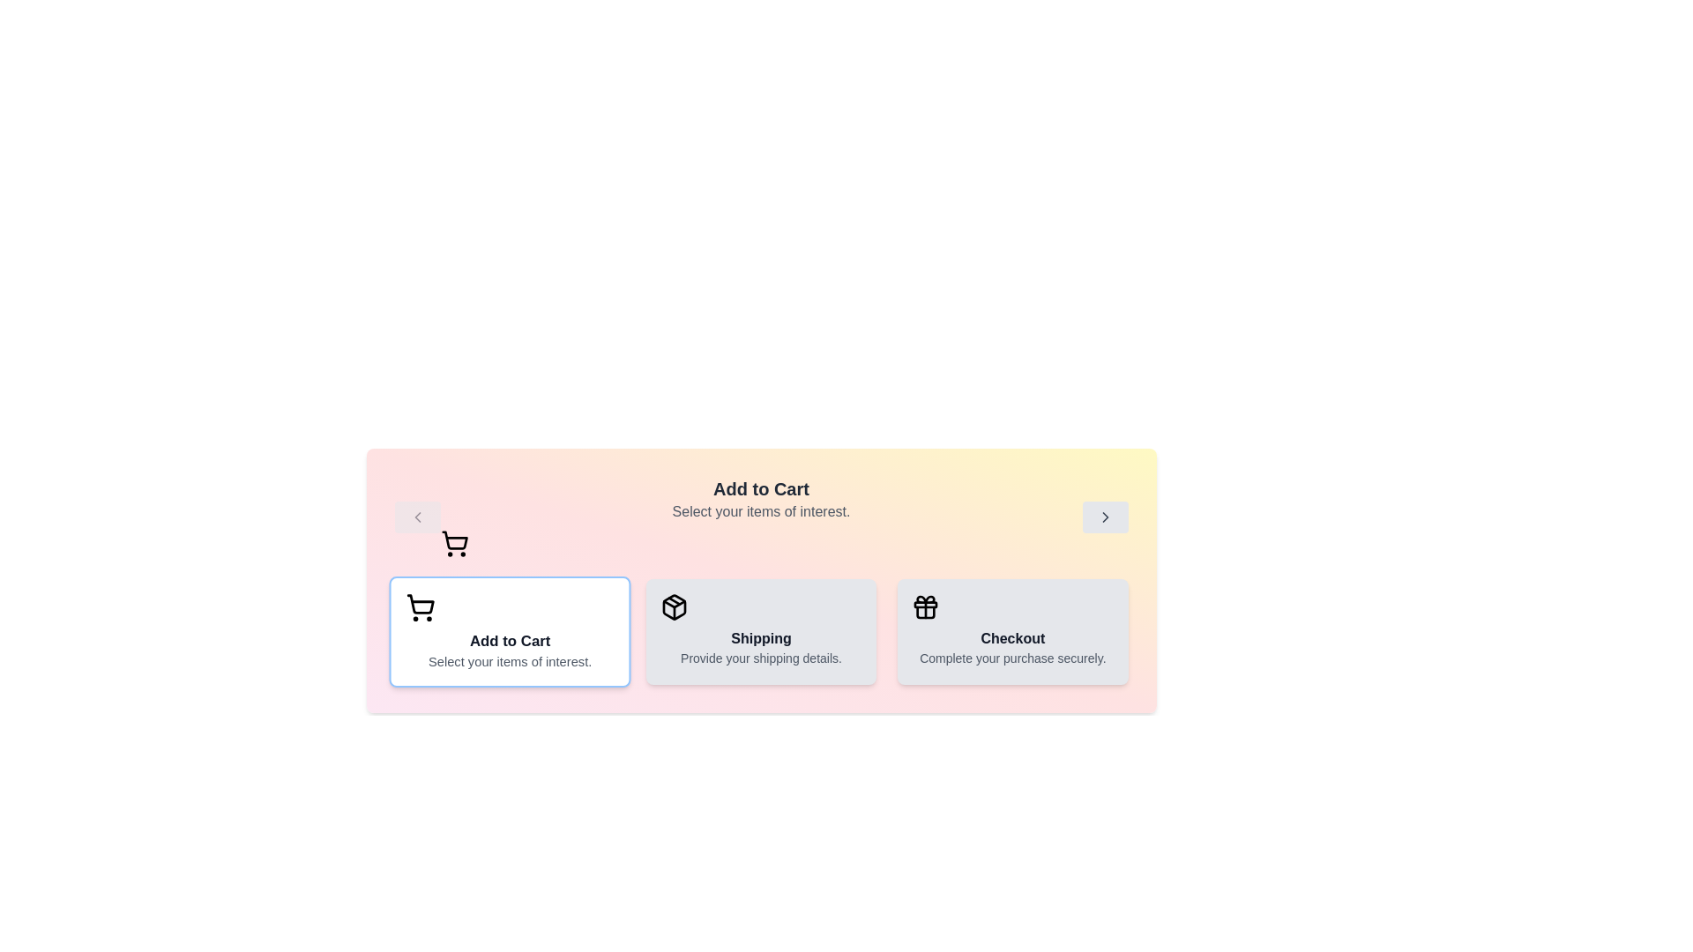 This screenshot has height=952, width=1693. What do you see at coordinates (416, 516) in the screenshot?
I see `the navigation button located in the 'Add to Cart' section, which allows users to switch to a previous step or page` at bounding box center [416, 516].